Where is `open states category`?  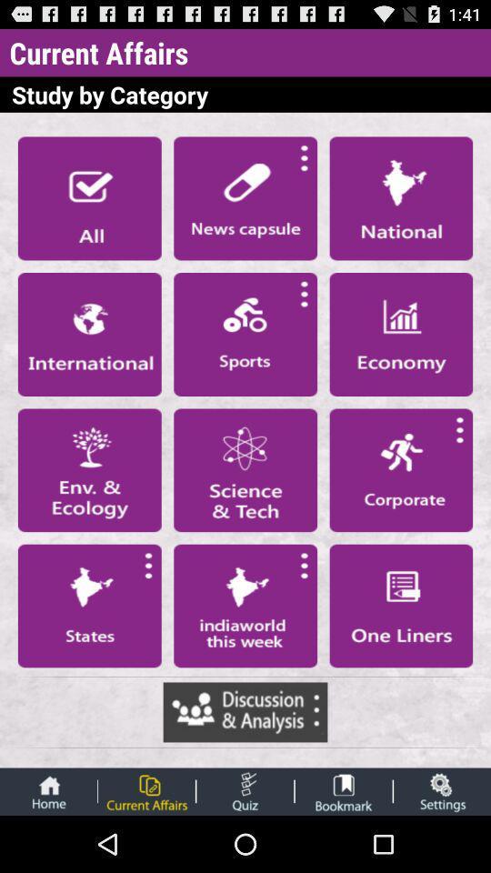 open states category is located at coordinates (88, 606).